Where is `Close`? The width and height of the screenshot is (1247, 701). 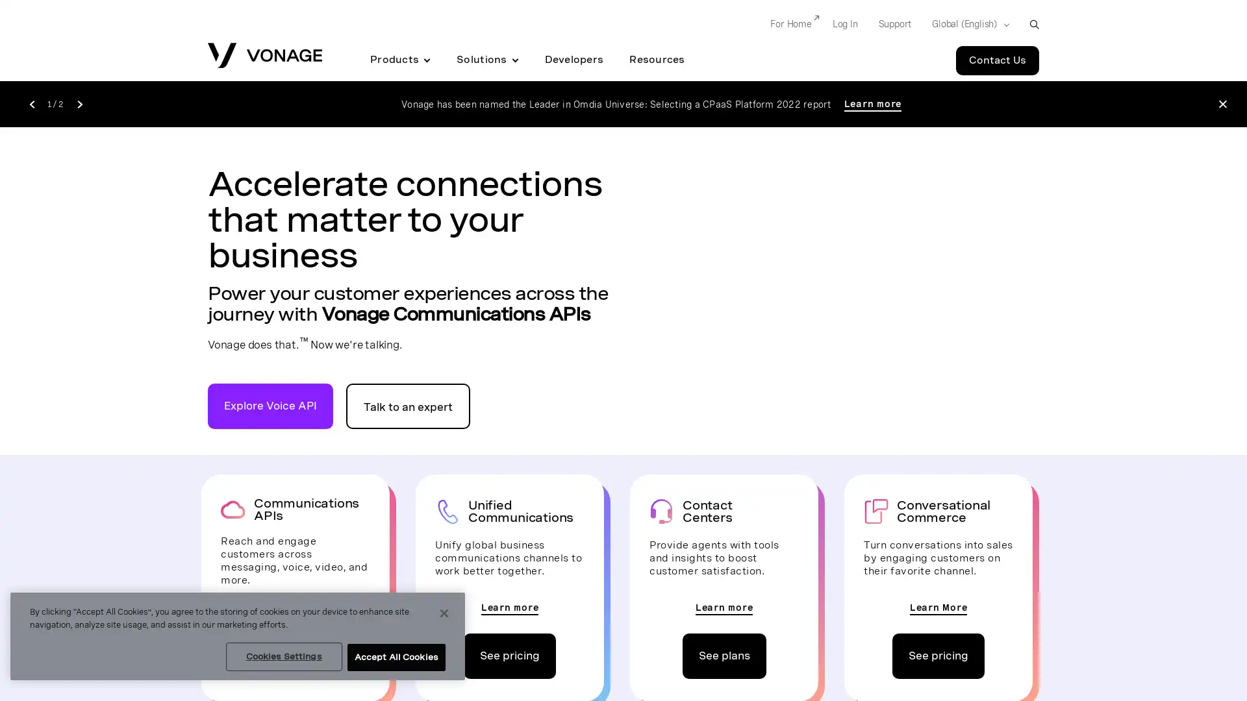 Close is located at coordinates (444, 613).